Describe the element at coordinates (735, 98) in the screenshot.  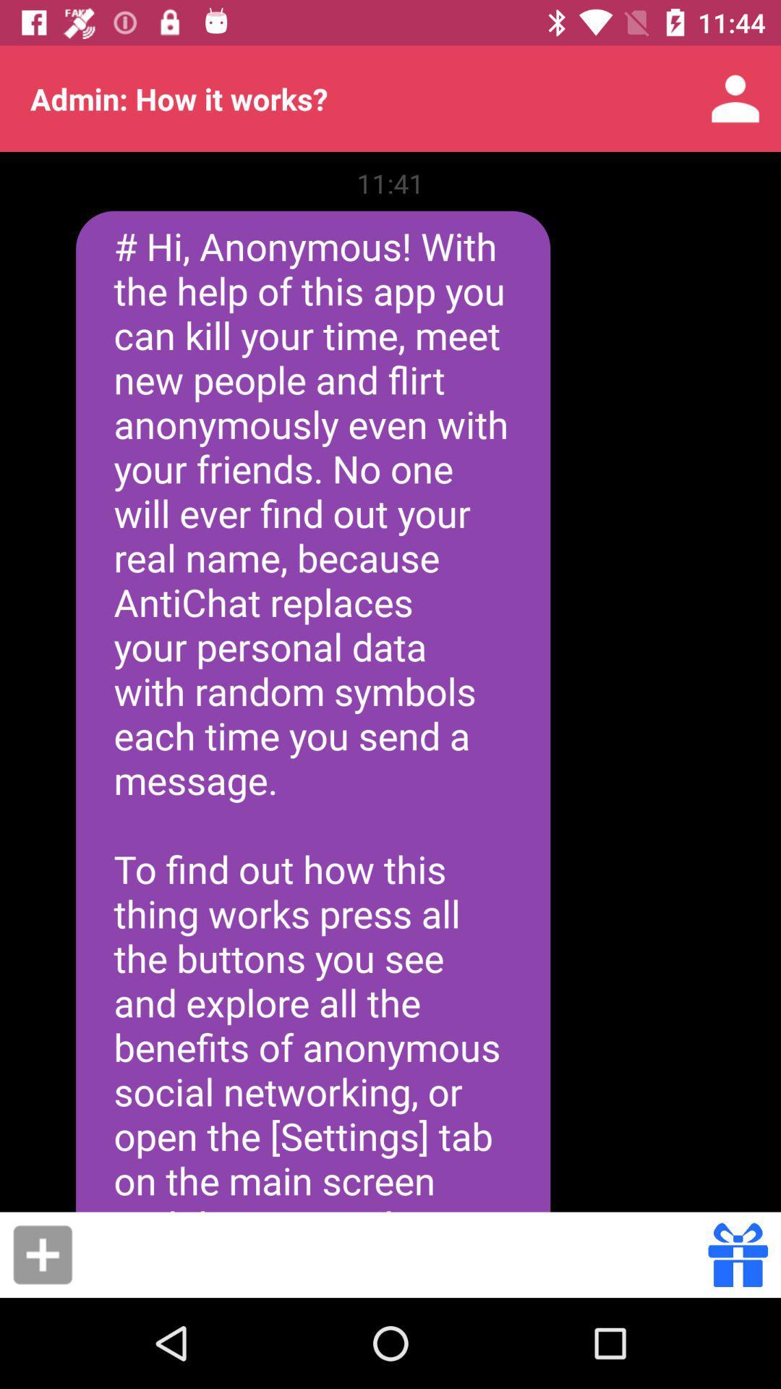
I see `icon to the right of the admin how it app` at that location.